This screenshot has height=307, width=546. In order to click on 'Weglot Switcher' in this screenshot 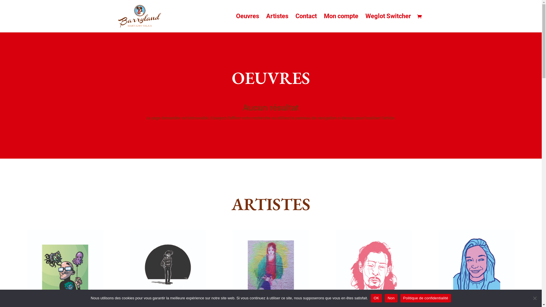, I will do `click(387, 23)`.